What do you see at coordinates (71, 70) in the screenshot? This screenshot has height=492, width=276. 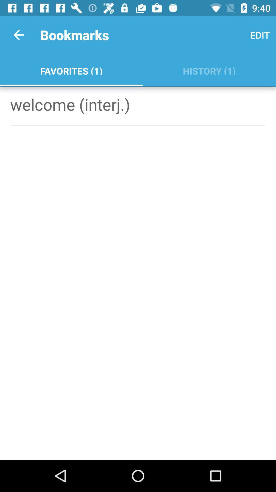 I see `favorites (1) app` at bounding box center [71, 70].